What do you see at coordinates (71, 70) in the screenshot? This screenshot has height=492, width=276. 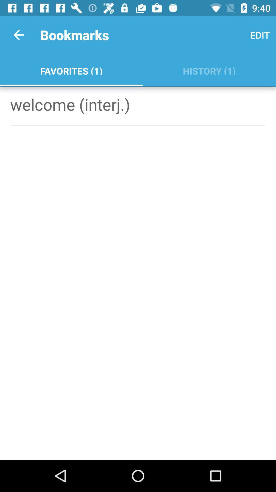 I see `favorites (1) app` at bounding box center [71, 70].